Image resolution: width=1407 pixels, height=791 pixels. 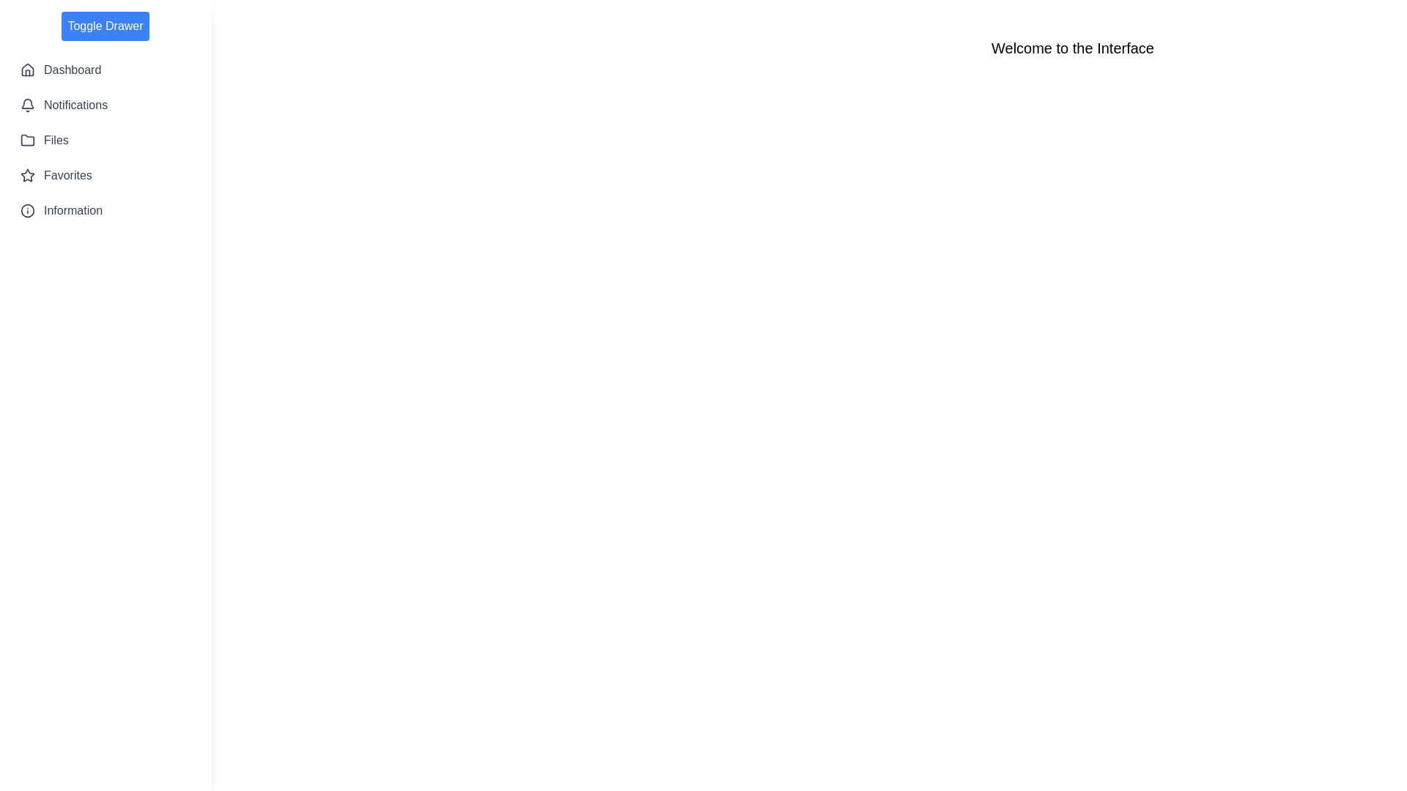 What do you see at coordinates (105, 26) in the screenshot?
I see `the 'Toggle Drawer' button to toggle the visibility of the sidebar` at bounding box center [105, 26].